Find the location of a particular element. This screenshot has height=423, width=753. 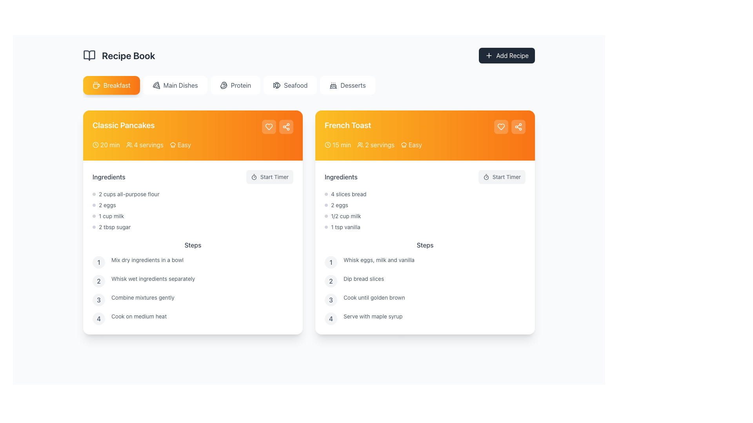

the decorative icon representing the 'Protein' category in the navigation menu, located at the center-left of the 'Protein' button in the horizontal navigation bar under the 'Recipe Book' heading is located at coordinates (223, 85).